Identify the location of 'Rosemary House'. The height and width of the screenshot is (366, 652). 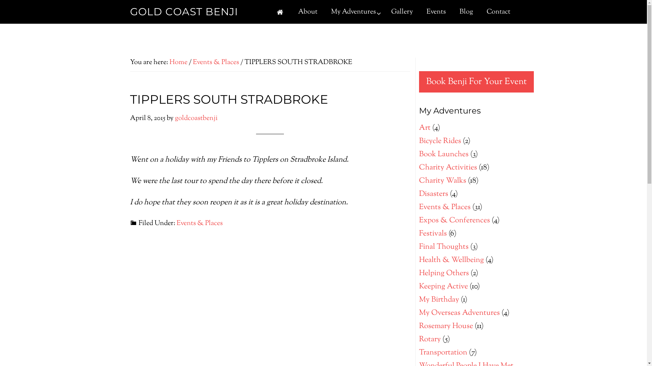
(446, 326).